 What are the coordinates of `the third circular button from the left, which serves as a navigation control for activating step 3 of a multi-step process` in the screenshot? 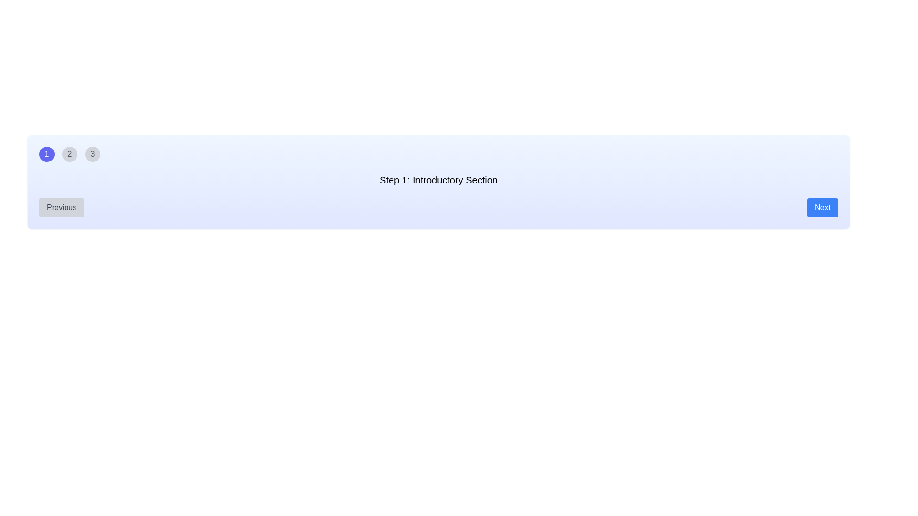 It's located at (92, 154).